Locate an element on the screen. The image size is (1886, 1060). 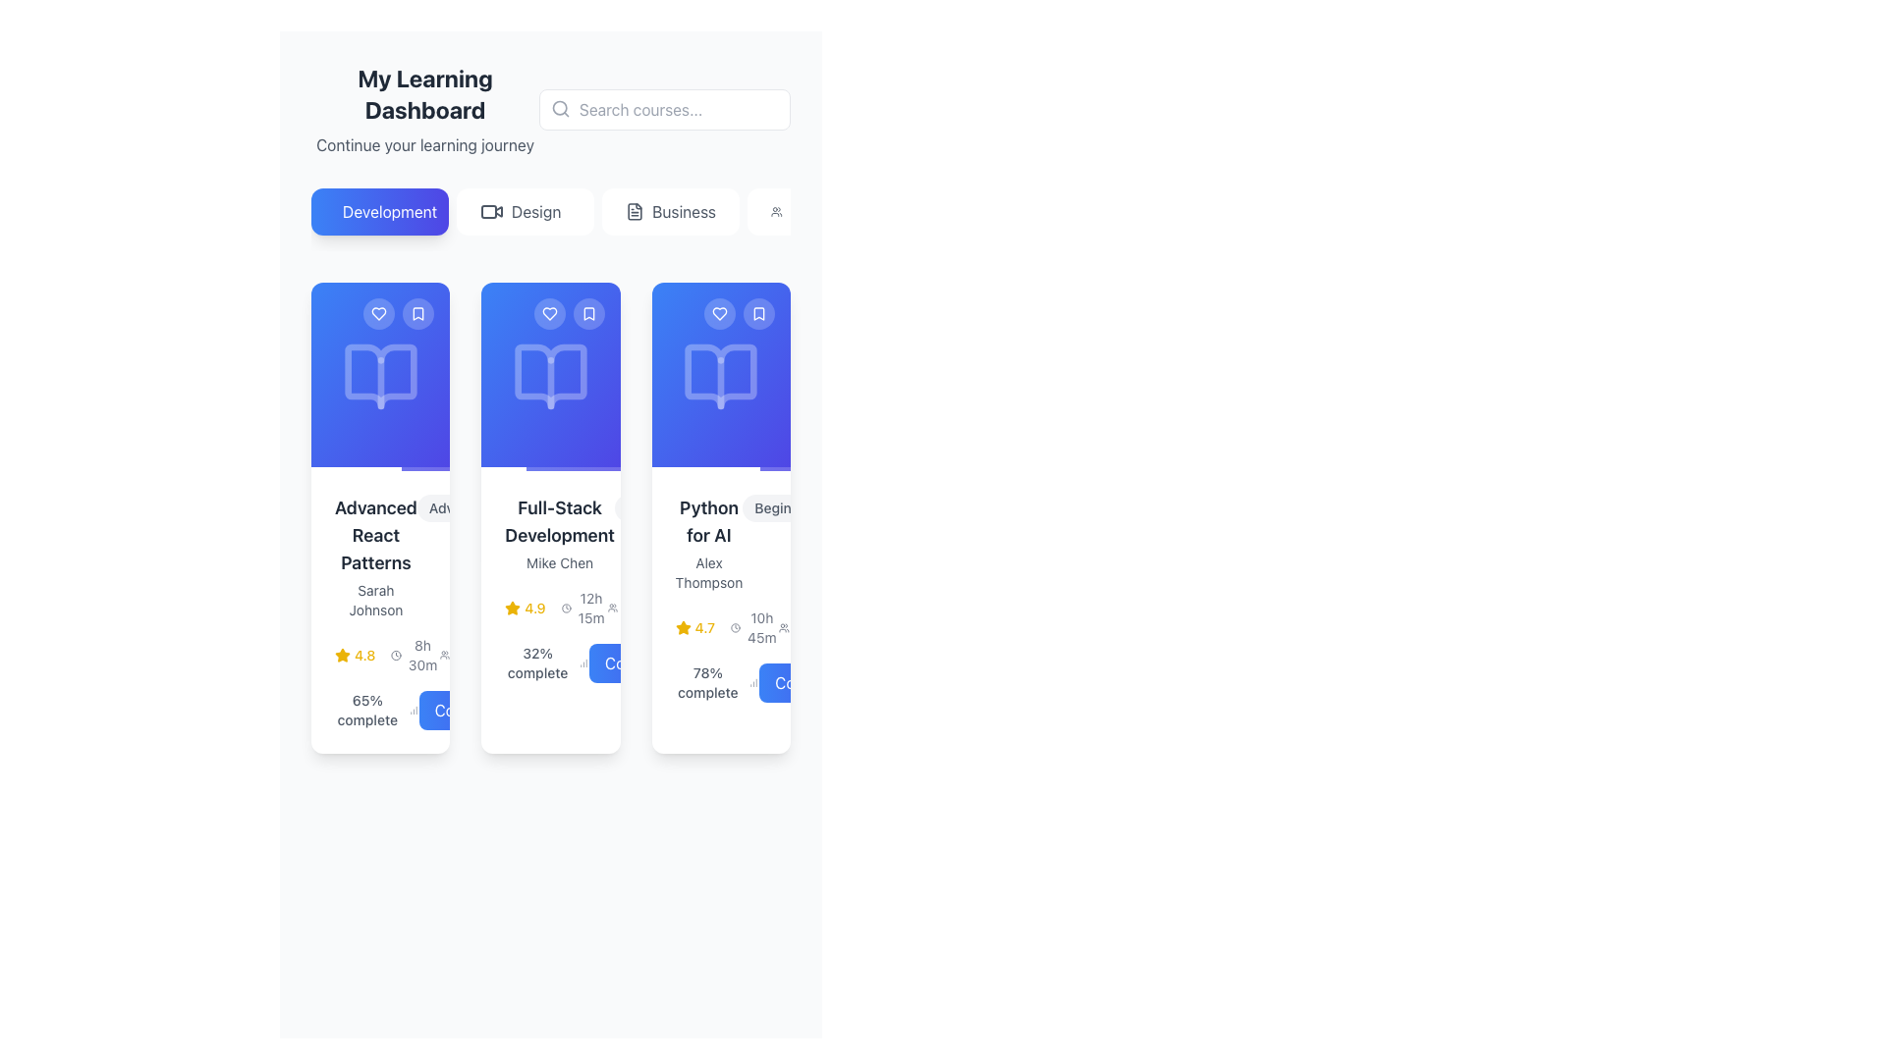
value of the Text label displaying the number '4.7' located within the third card of the course 'Python for AI', next to the star icon is located at coordinates (704, 628).